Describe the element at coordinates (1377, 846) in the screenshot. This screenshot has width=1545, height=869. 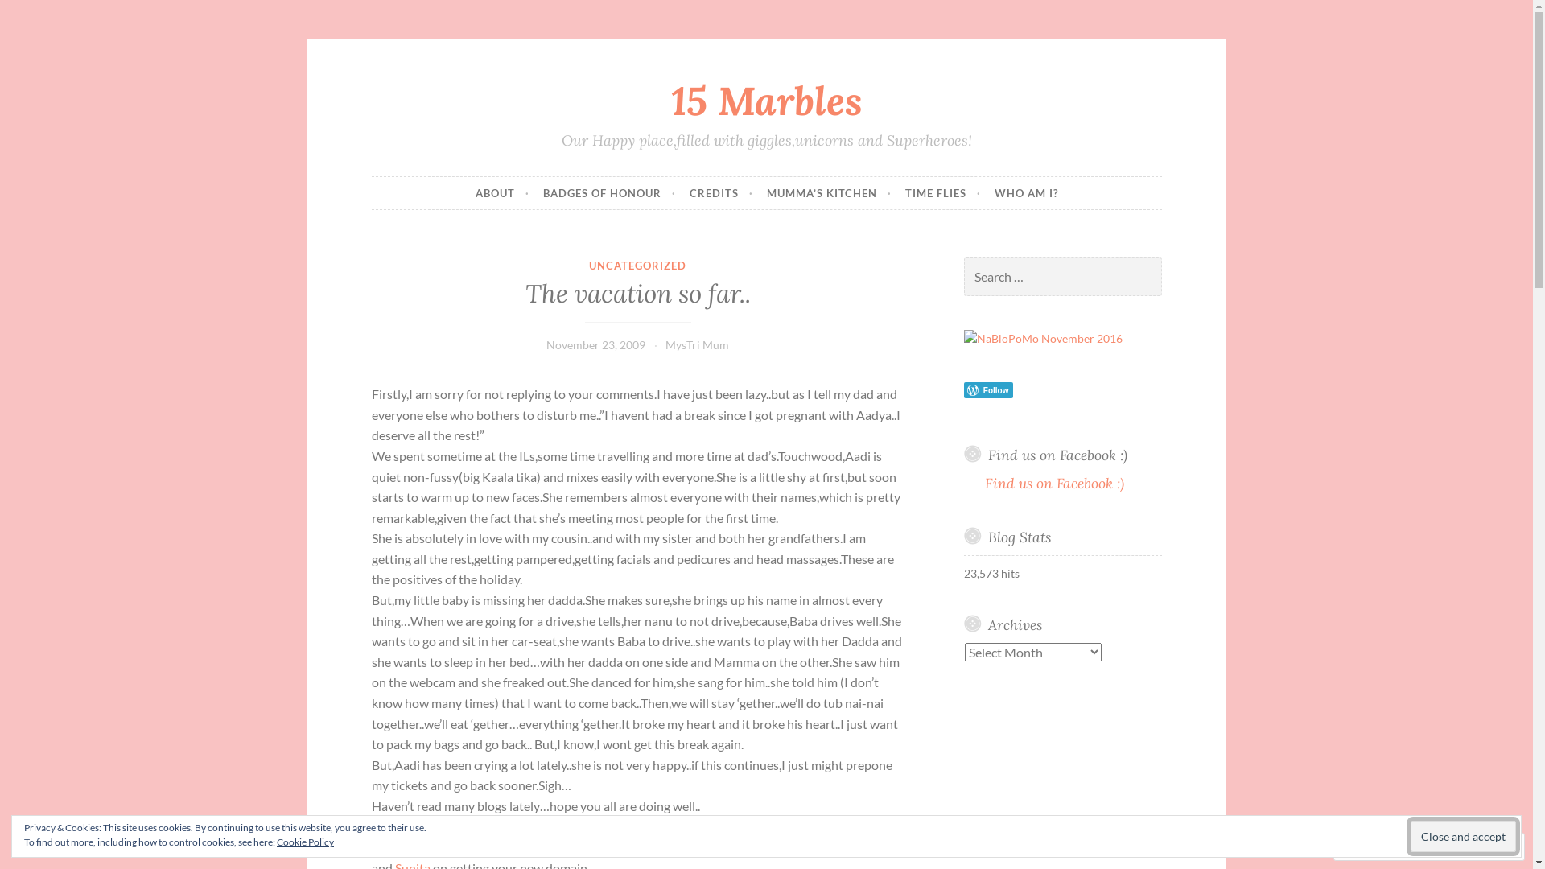
I see `'Comment'` at that location.